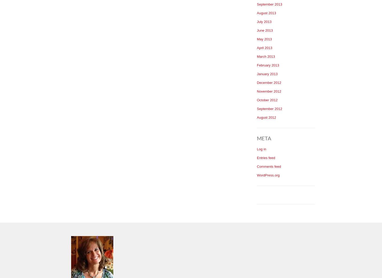 This screenshot has height=278, width=382. Describe the element at coordinates (257, 149) in the screenshot. I see `'Log in'` at that location.